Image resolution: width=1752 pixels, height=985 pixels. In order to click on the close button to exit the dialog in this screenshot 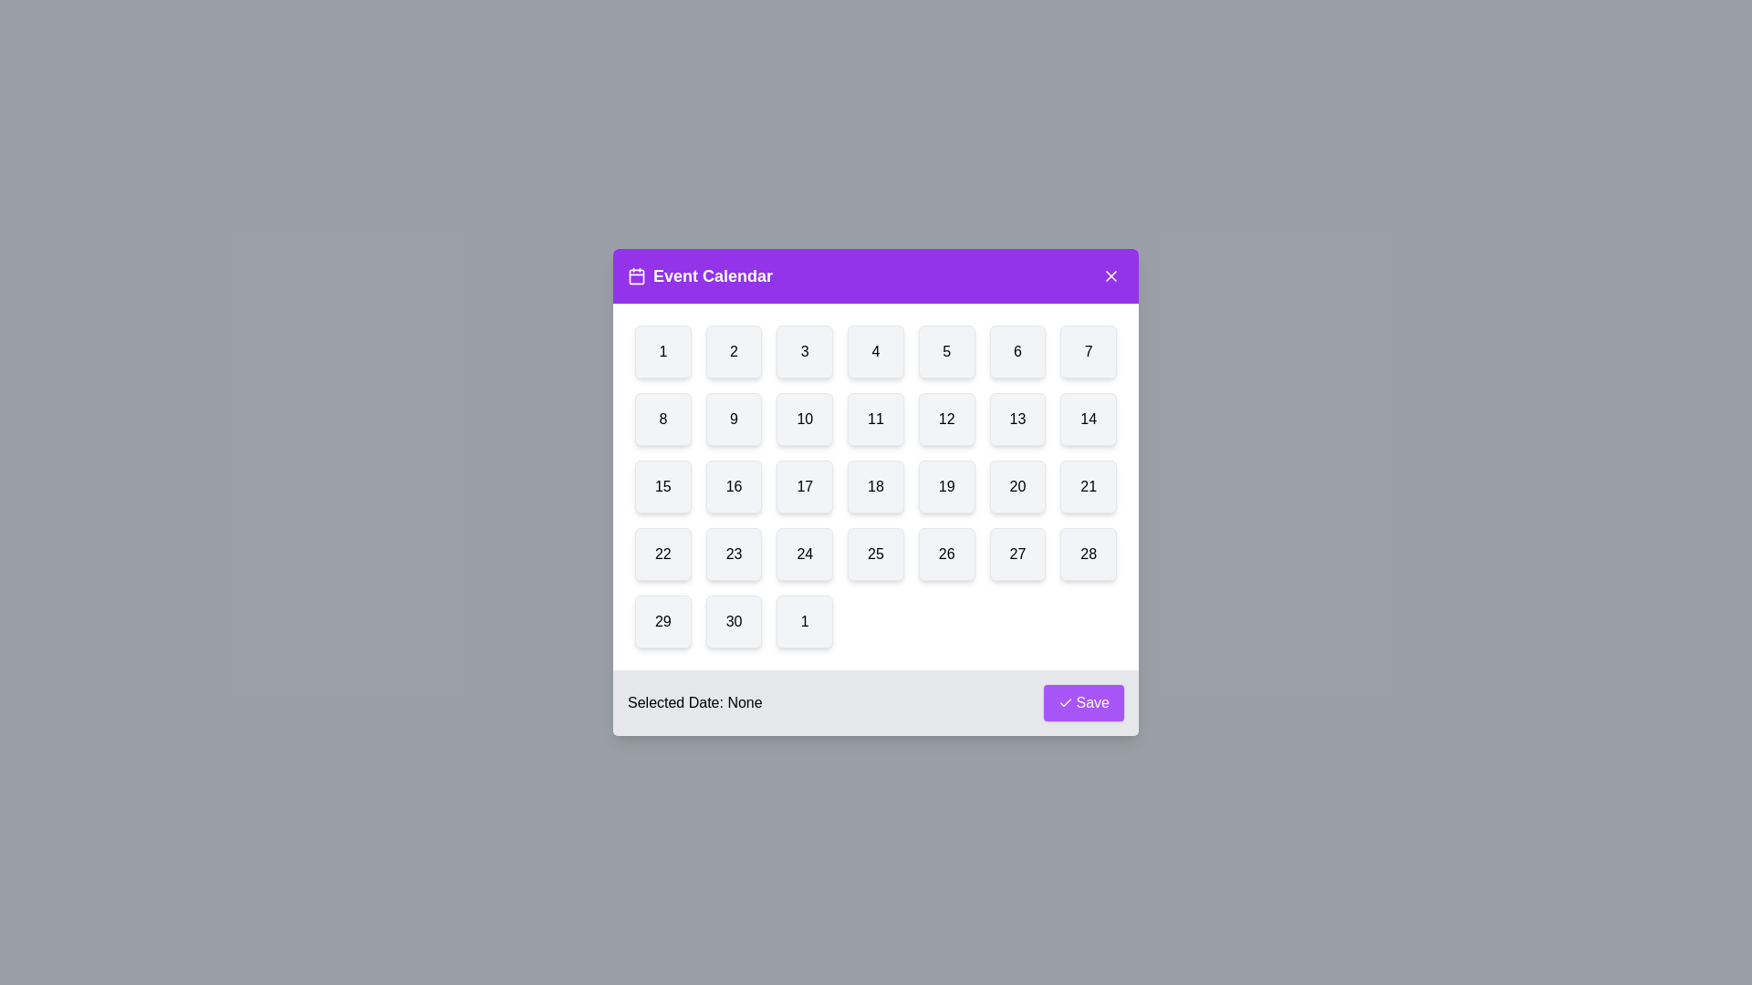, I will do `click(1111, 276)`.